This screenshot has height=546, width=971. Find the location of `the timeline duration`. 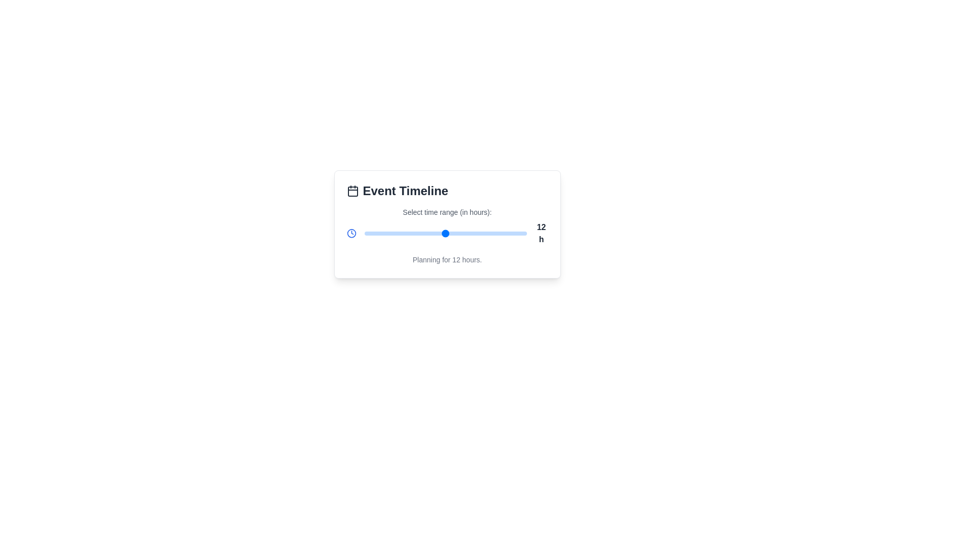

the timeline duration is located at coordinates (370, 234).